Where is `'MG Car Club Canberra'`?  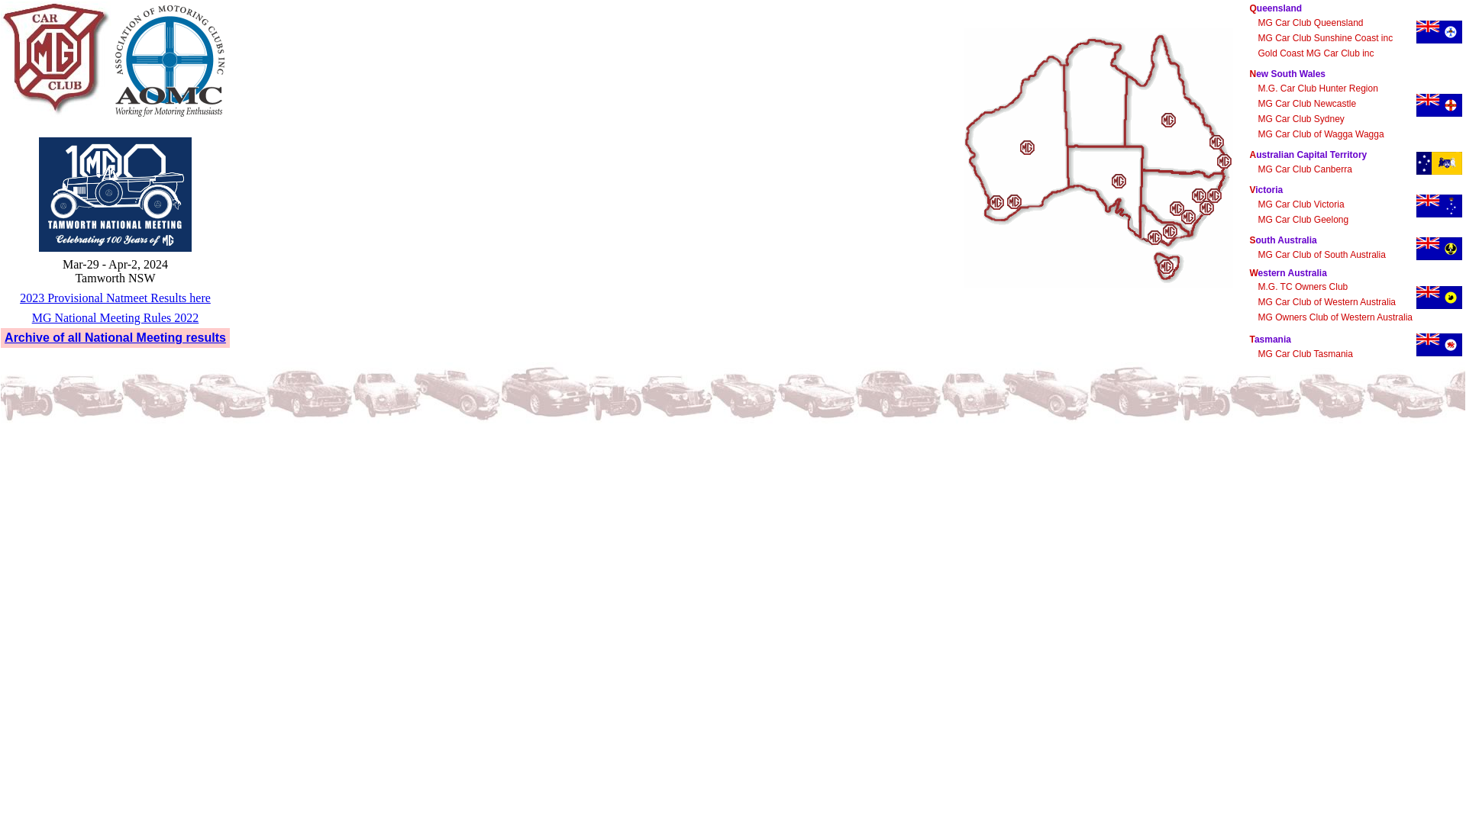 'MG Car Club Canberra' is located at coordinates (1303, 169).